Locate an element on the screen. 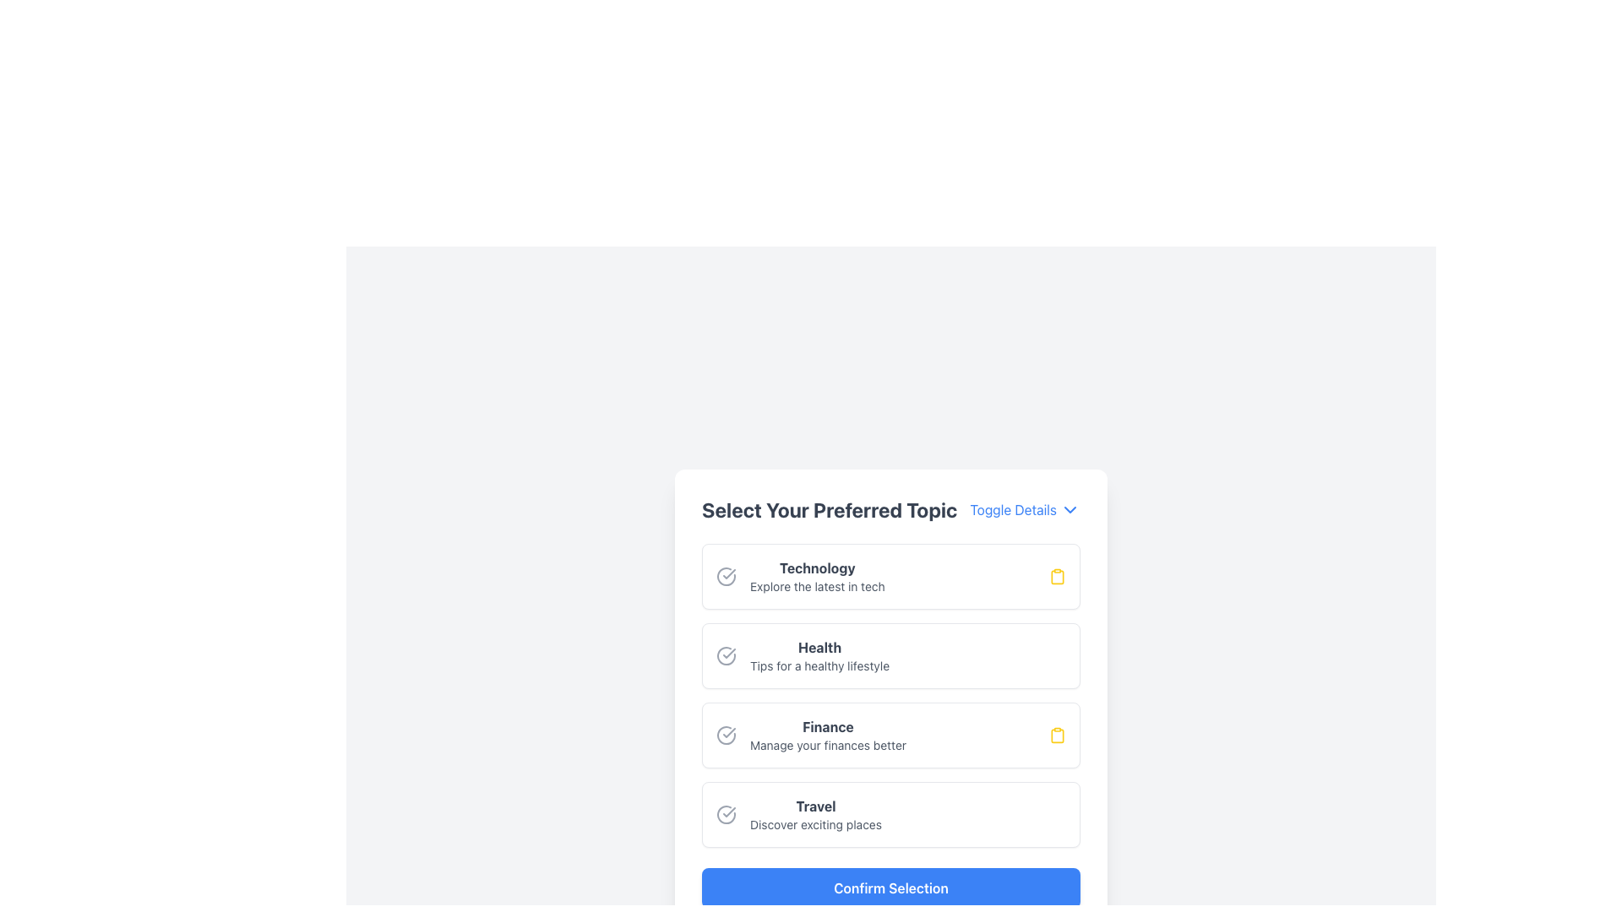 This screenshot has height=912, width=1622. the selectable option labeled 'Health' with the subtitle 'Tips for a healthy lifestyle' is located at coordinates (819, 654).